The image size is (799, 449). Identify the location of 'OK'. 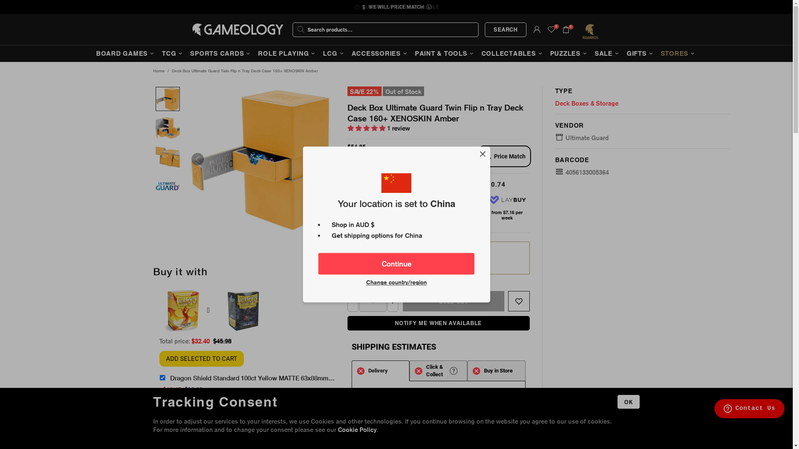
(628, 401).